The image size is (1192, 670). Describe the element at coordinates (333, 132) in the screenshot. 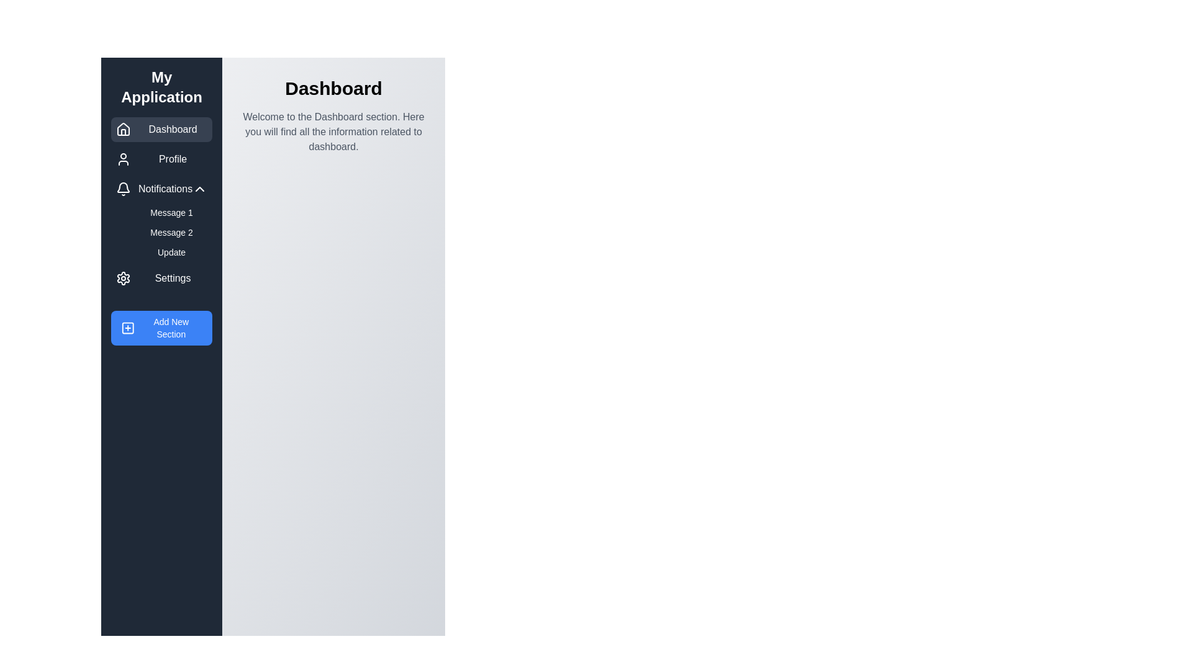

I see `informational text provided by the Text label located beneath the 'Dashboard' heading, which describes the content and purpose of the Dashboard section` at that location.